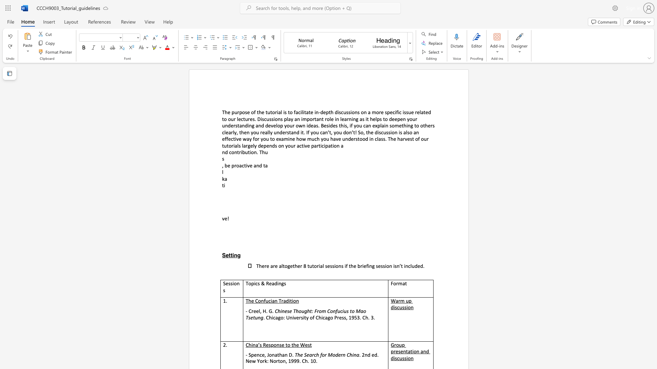  Describe the element at coordinates (248, 311) in the screenshot. I see `the subset text "Creel, H" within the text "- Creel, H. G."` at that location.